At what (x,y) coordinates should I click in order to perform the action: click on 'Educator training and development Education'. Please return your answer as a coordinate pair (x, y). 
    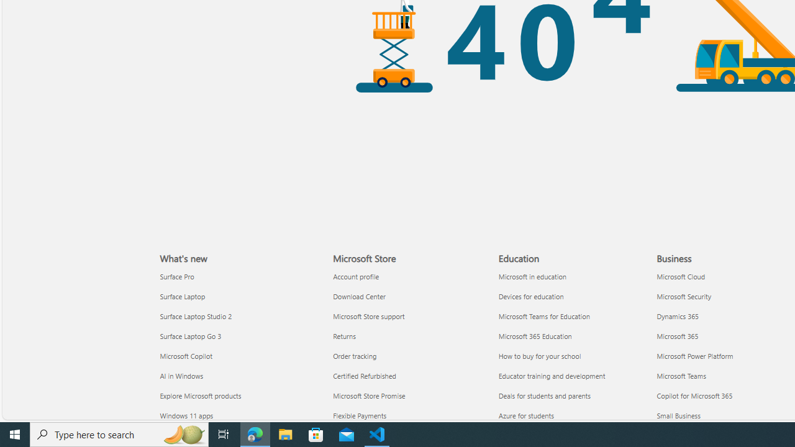
    Looking at the image, I should click on (551, 374).